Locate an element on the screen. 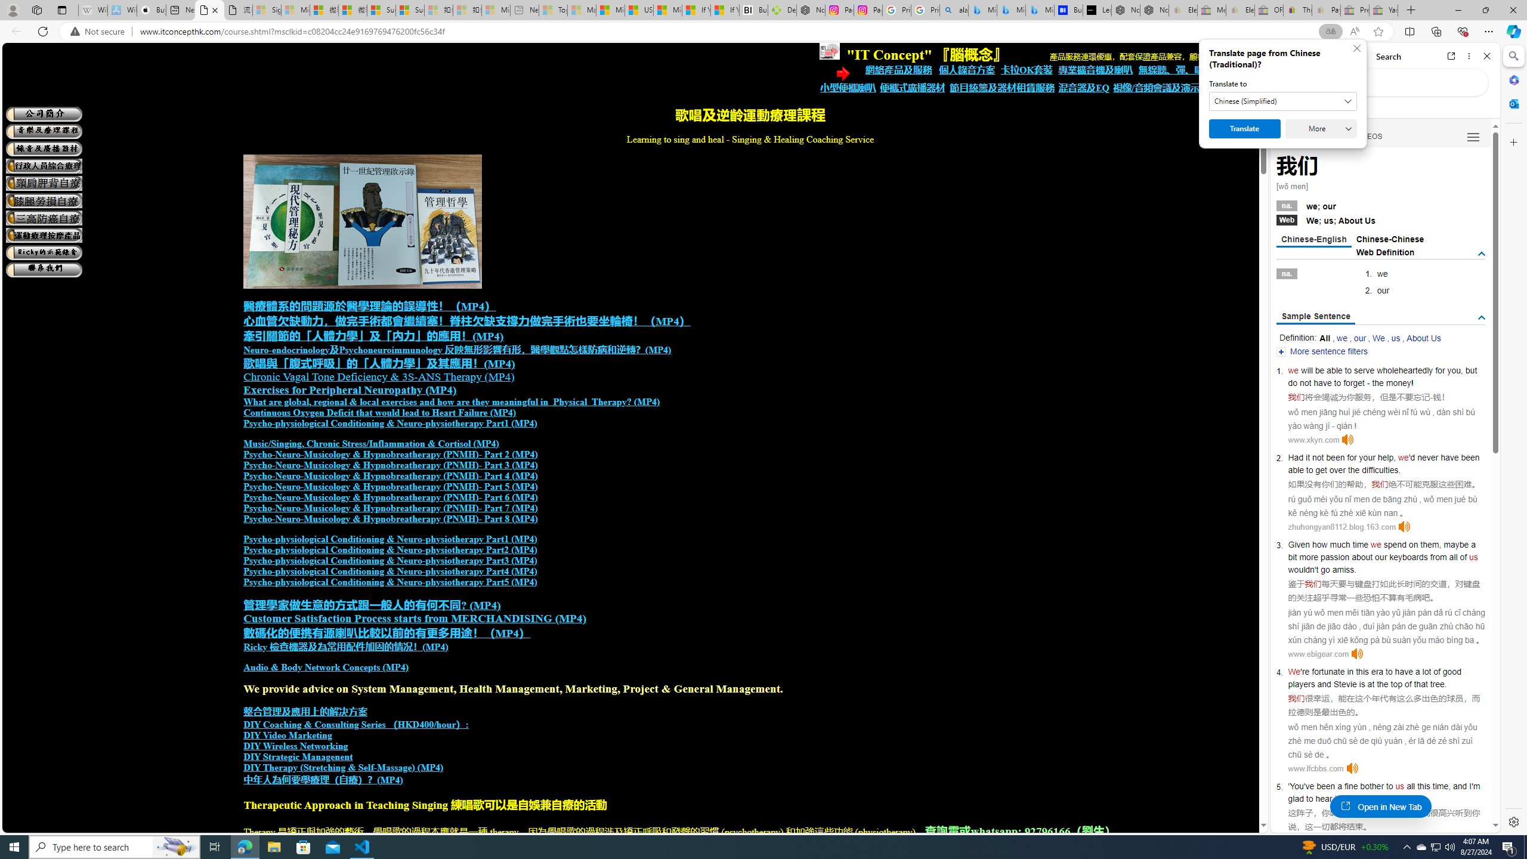 This screenshot has height=859, width=1527. 'Translate to' is located at coordinates (1283, 100).